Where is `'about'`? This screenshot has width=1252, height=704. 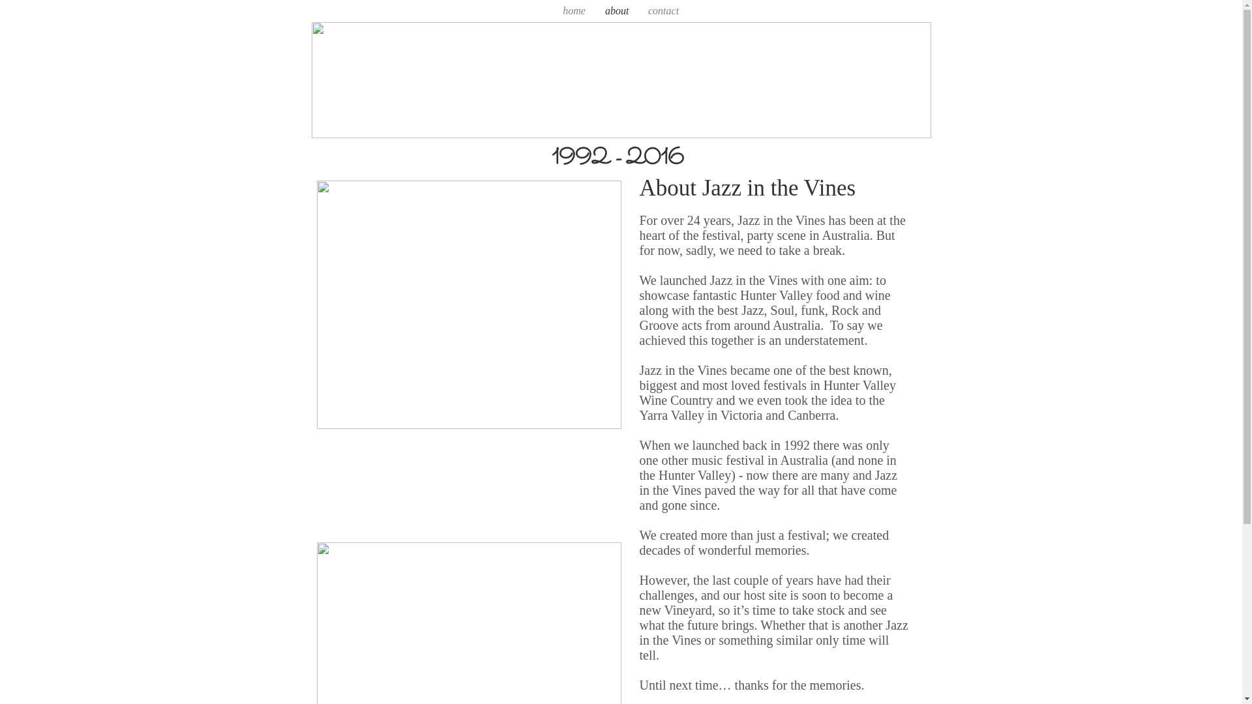 'about' is located at coordinates (616, 10).